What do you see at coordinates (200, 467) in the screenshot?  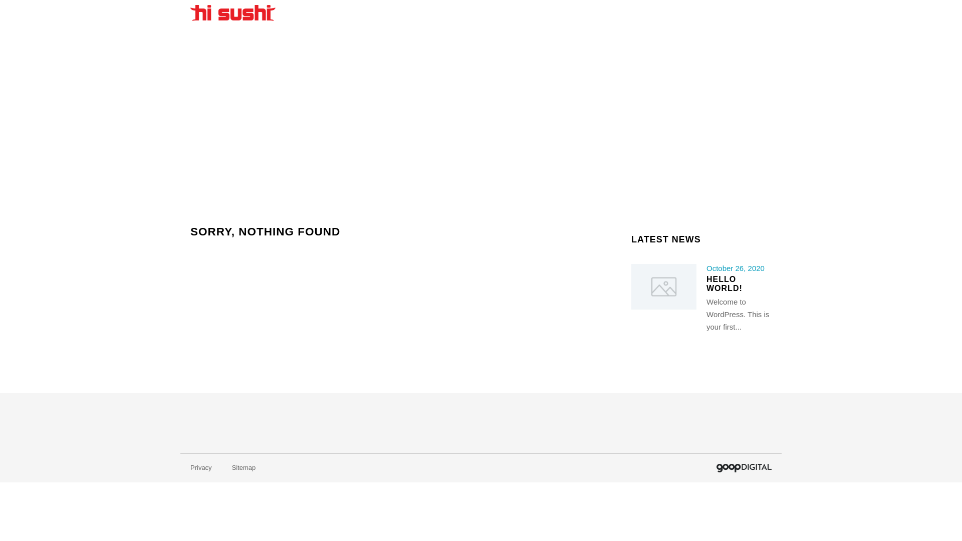 I see `'Privacy'` at bounding box center [200, 467].